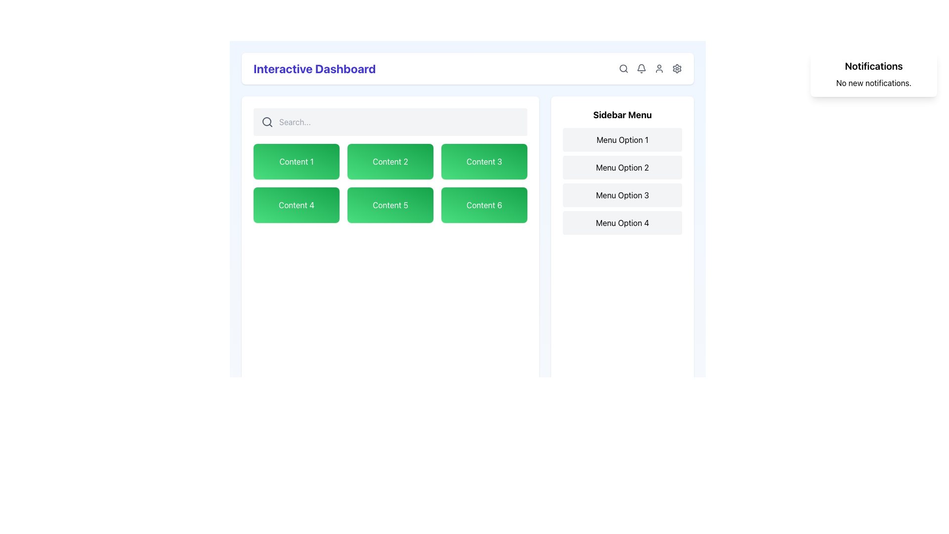 This screenshot has height=534, width=949. I want to click on the static content block with a green gradient background and the text 'Content 1' centered within it, located in the top-left corner of the grid, so click(296, 161).